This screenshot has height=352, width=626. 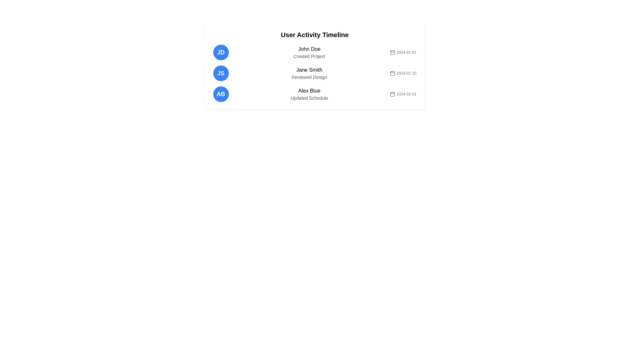 I want to click on text content of the text label identifying the user 'Alex Blue' and their activity 'Updated Schedule' within the timeline interface, so click(x=309, y=94).